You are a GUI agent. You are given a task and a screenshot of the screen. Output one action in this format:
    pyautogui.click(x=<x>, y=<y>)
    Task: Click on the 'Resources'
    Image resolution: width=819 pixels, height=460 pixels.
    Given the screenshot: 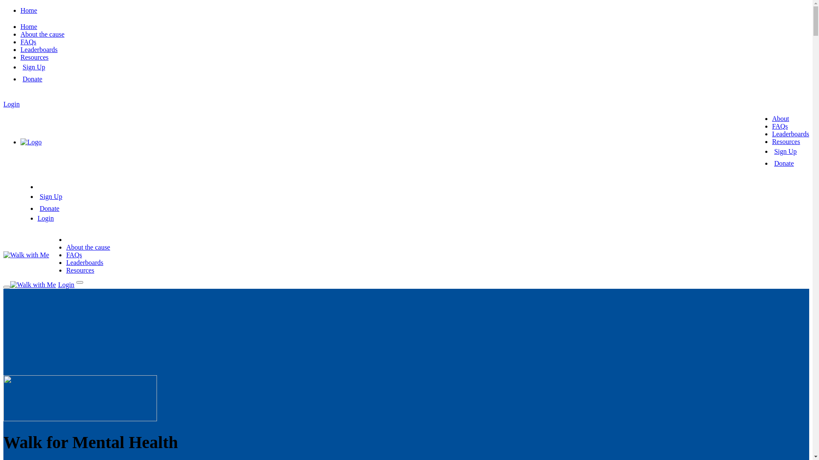 What is the action you would take?
    pyautogui.click(x=786, y=141)
    